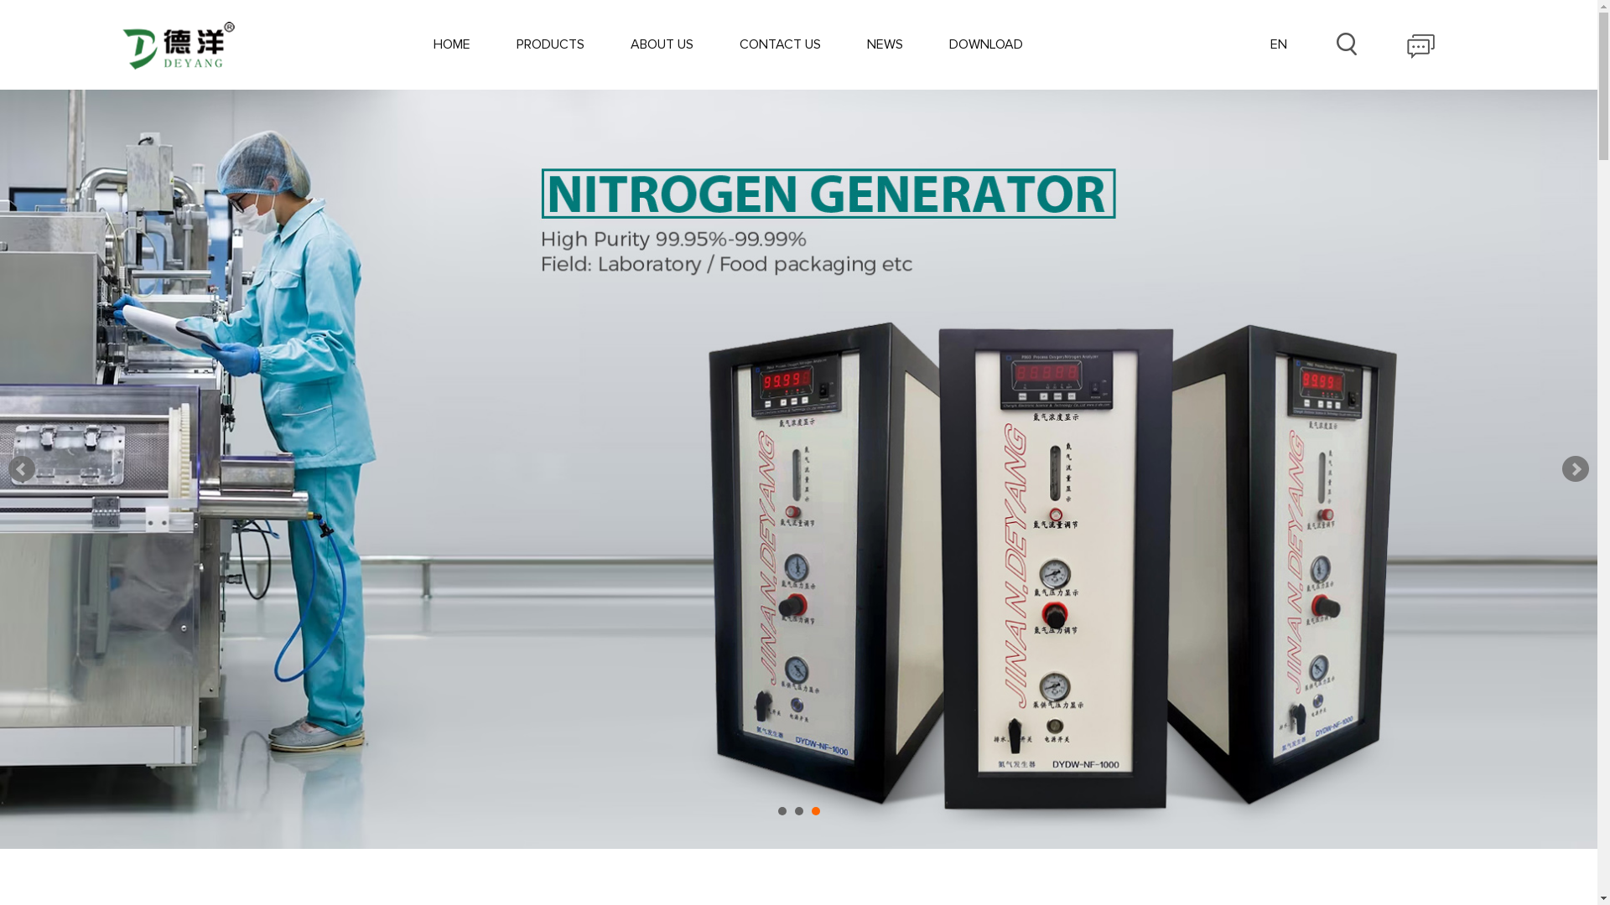  I want to click on '1', so click(781, 810).